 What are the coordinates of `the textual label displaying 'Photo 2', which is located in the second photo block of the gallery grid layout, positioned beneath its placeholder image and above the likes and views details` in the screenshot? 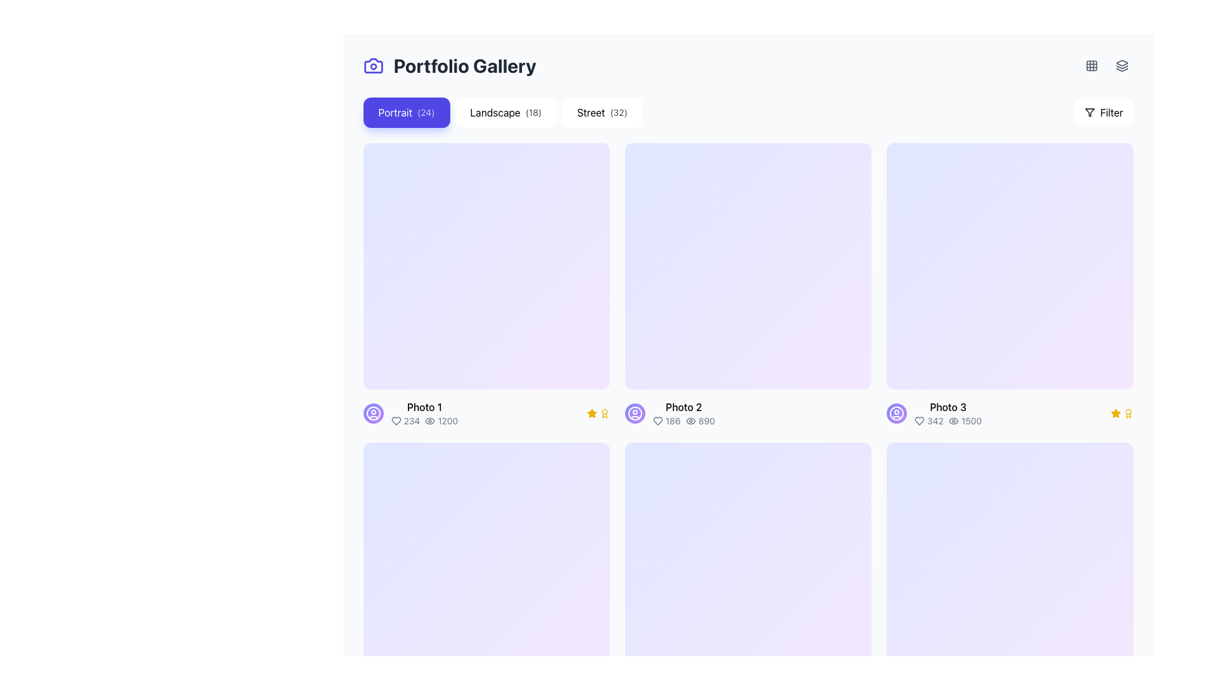 It's located at (683, 407).